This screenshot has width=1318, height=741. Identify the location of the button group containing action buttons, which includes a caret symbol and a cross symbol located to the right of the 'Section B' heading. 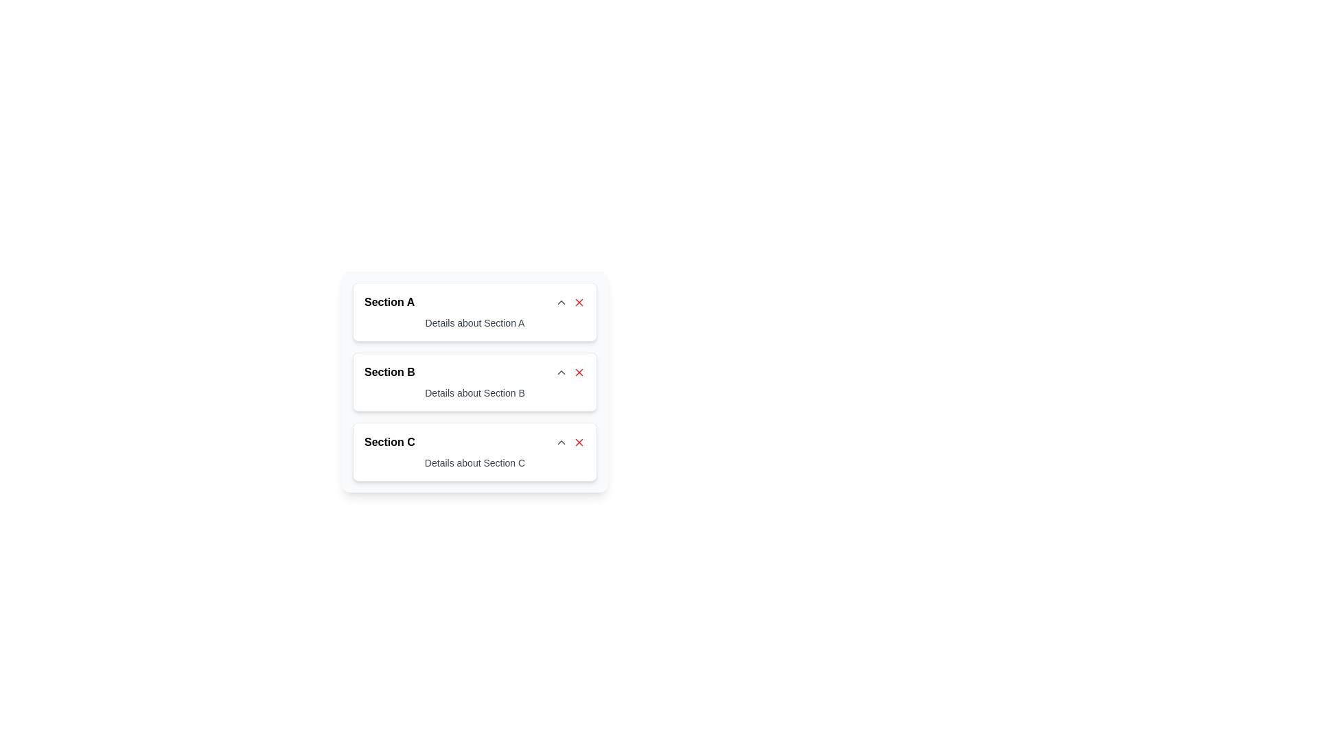
(570, 373).